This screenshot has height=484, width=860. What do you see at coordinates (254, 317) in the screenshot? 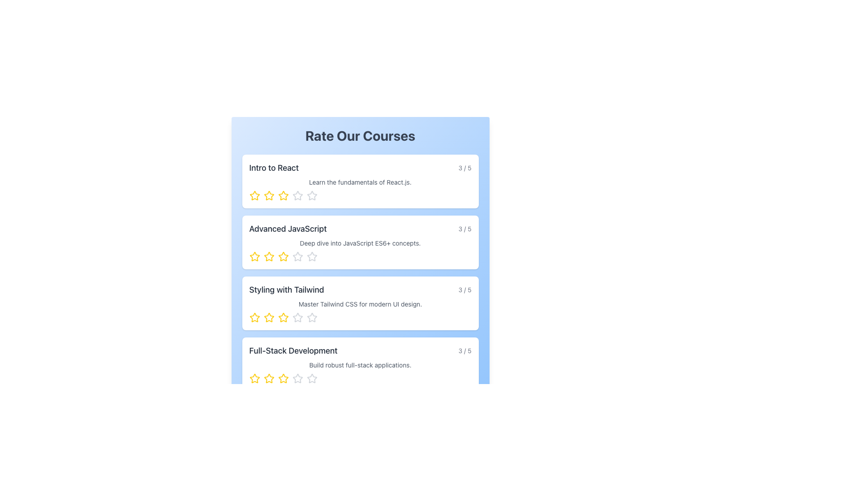
I see `the first rating star icon under the 'Styling with Tailwind' course section to assign a rating` at bounding box center [254, 317].